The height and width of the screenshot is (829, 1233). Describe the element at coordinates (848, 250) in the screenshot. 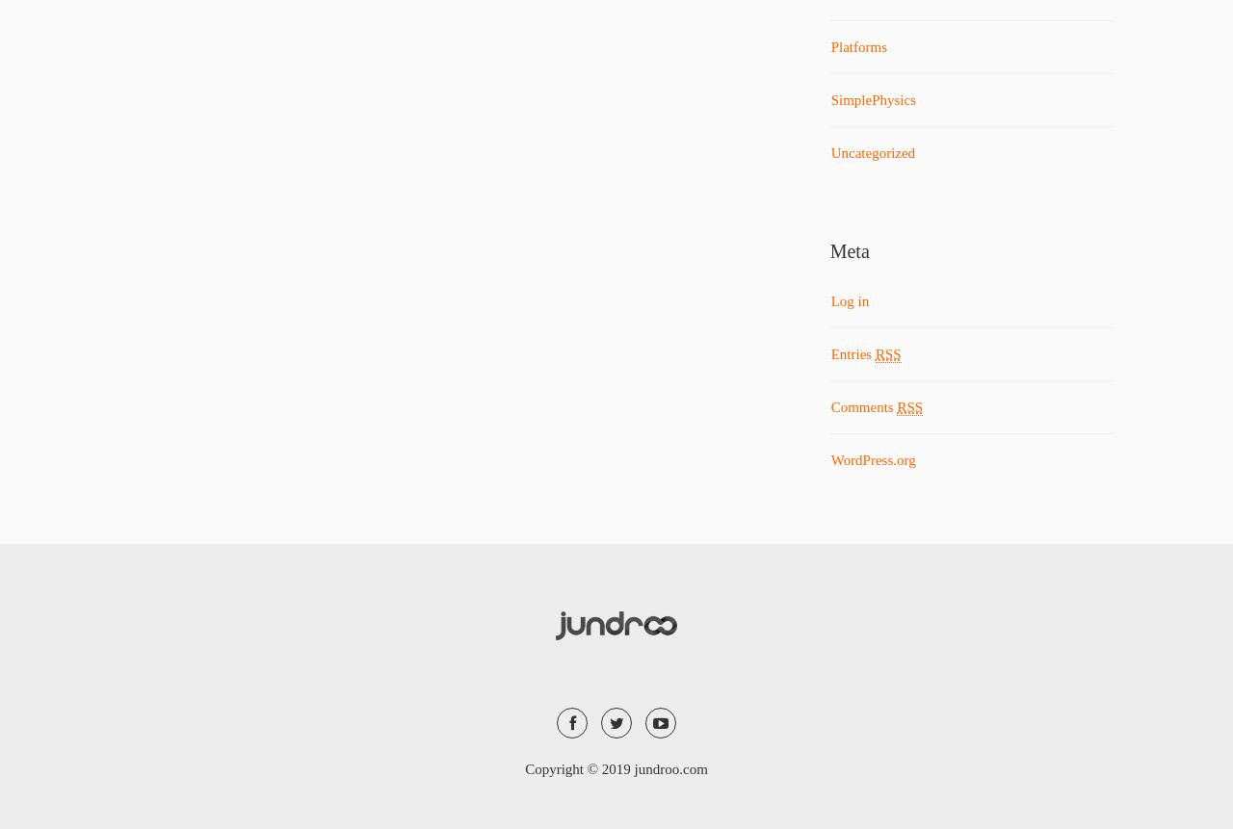

I see `'Meta'` at that location.